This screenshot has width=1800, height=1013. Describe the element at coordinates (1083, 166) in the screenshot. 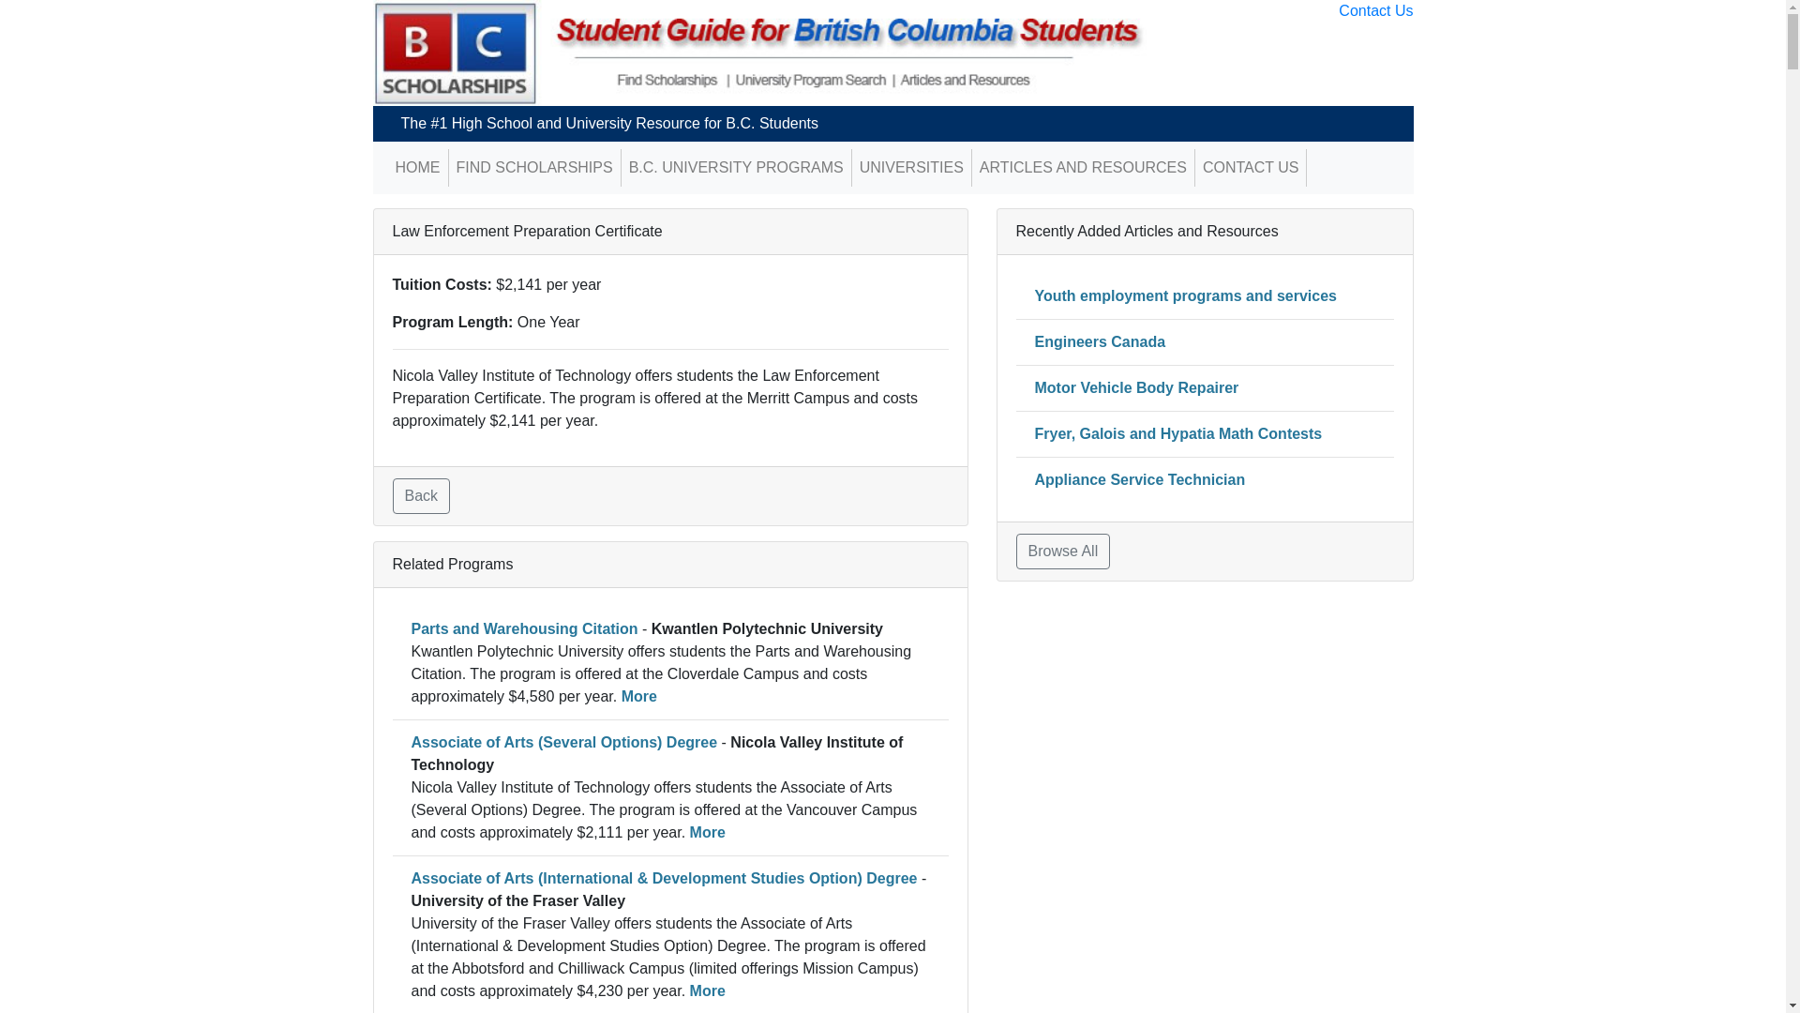

I see `'ARTICLES AND RESOURCES'` at that location.